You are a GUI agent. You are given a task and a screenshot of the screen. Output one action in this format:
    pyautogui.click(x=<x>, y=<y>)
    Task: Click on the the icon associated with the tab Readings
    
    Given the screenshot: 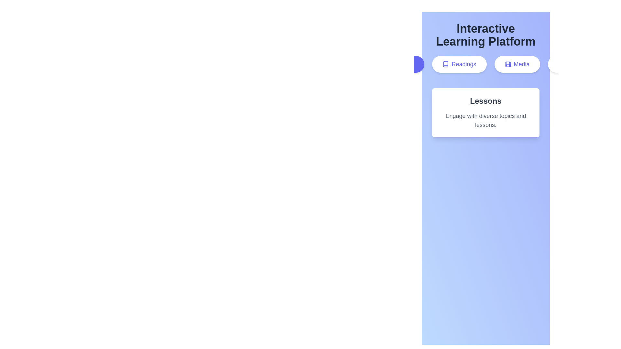 What is the action you would take?
    pyautogui.click(x=445, y=64)
    